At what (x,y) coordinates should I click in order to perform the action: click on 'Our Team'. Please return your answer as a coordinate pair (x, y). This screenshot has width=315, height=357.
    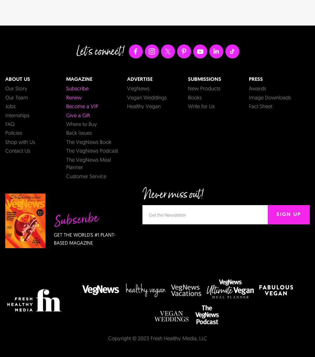
    Looking at the image, I should click on (16, 97).